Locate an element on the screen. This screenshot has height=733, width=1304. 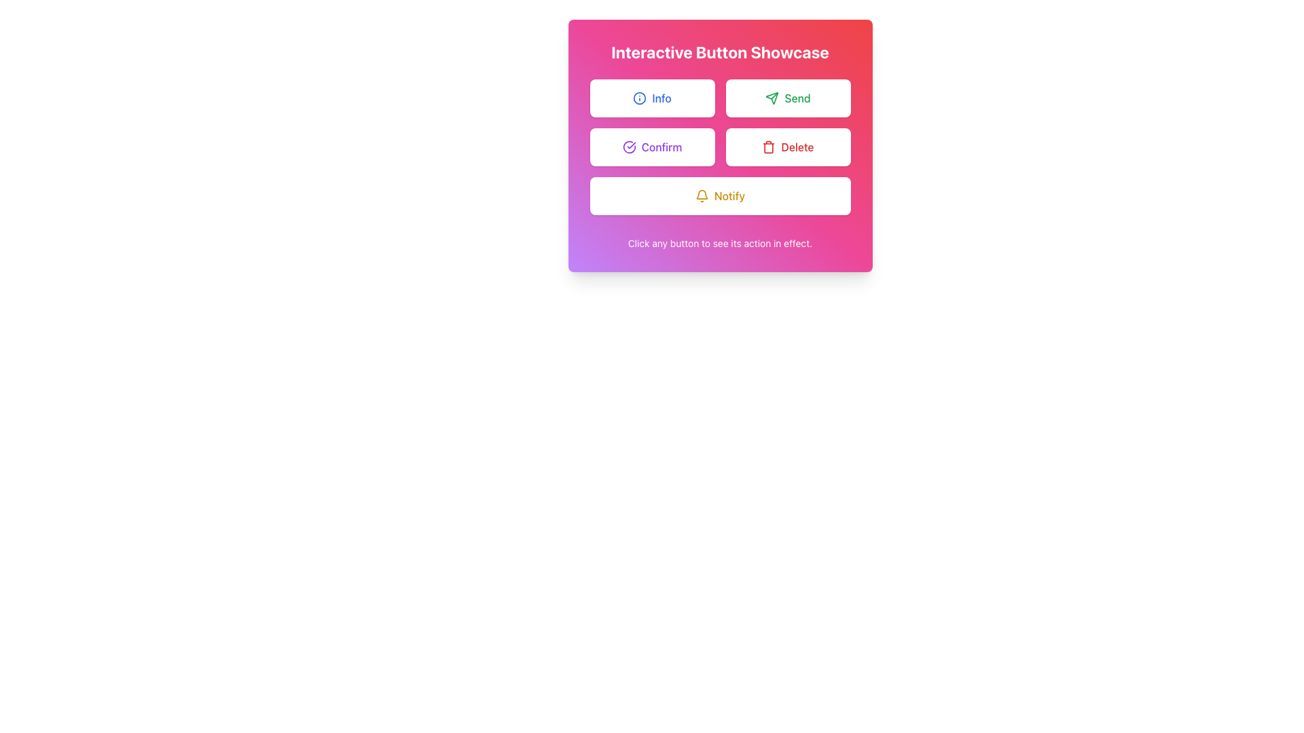
the purple circular icon with a white check mark, located to the left of the 'Confirm' text in the second row of buttons is located at coordinates (628, 147).